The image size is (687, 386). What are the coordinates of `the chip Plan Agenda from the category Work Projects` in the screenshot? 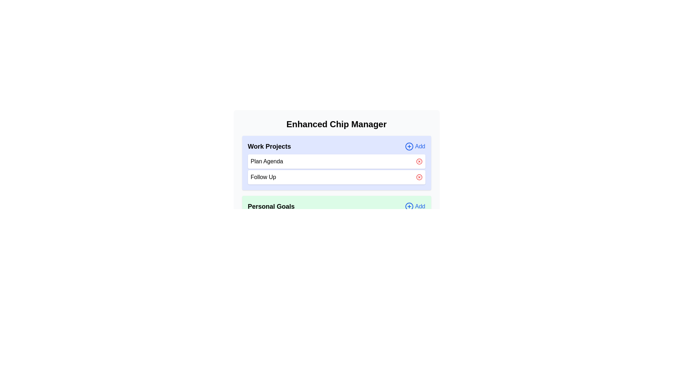 It's located at (419, 161).